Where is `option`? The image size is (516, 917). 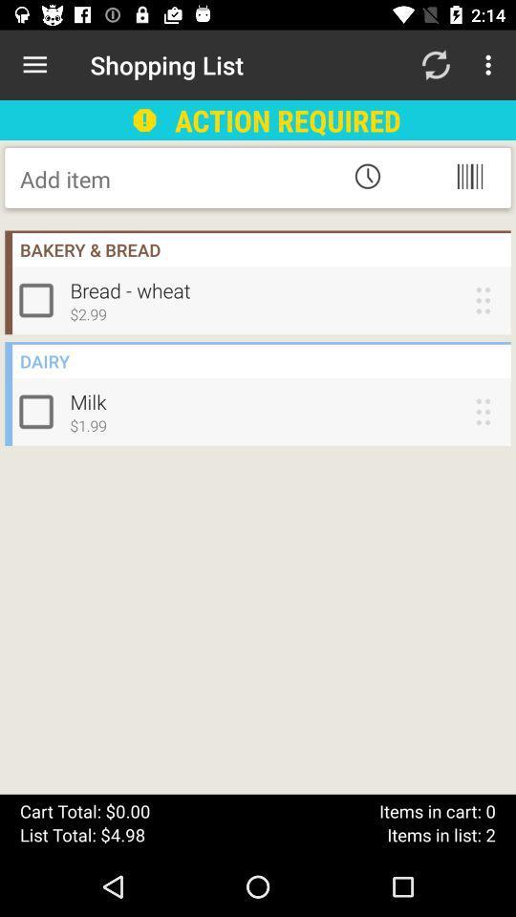
option is located at coordinates (40, 300).